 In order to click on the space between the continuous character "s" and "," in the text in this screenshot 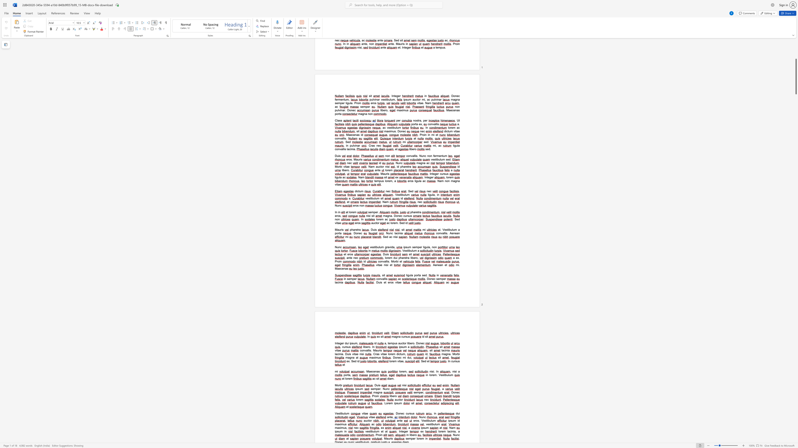, I will do `click(346, 428)`.